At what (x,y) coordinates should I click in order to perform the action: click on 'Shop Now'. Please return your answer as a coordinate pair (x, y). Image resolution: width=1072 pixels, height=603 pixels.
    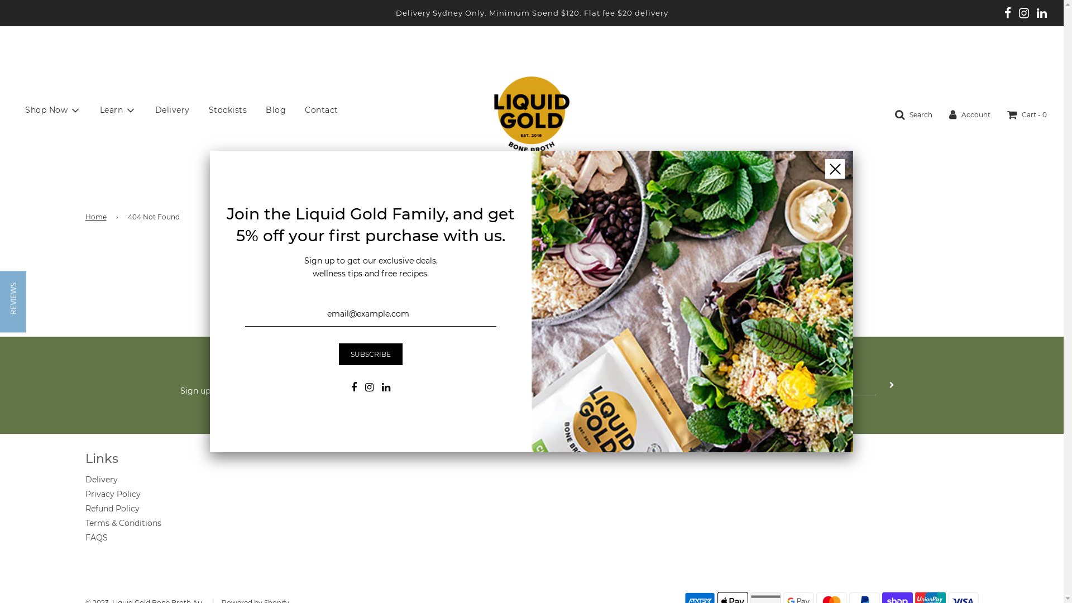
    Looking at the image, I should click on (16, 110).